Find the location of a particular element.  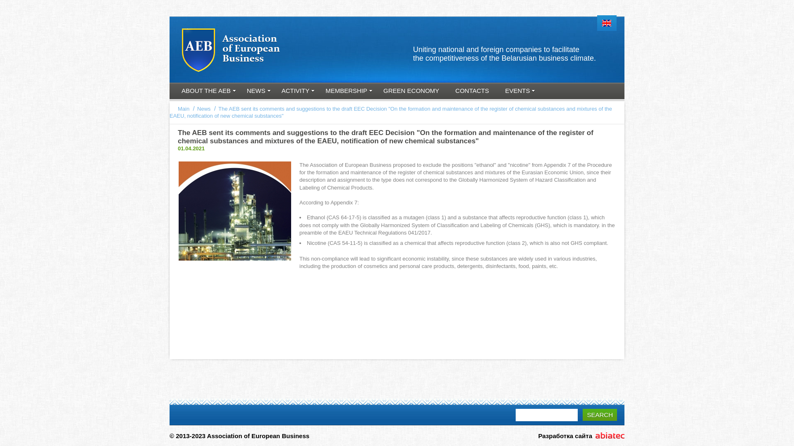

'ACTIVITY' is located at coordinates (296, 92).